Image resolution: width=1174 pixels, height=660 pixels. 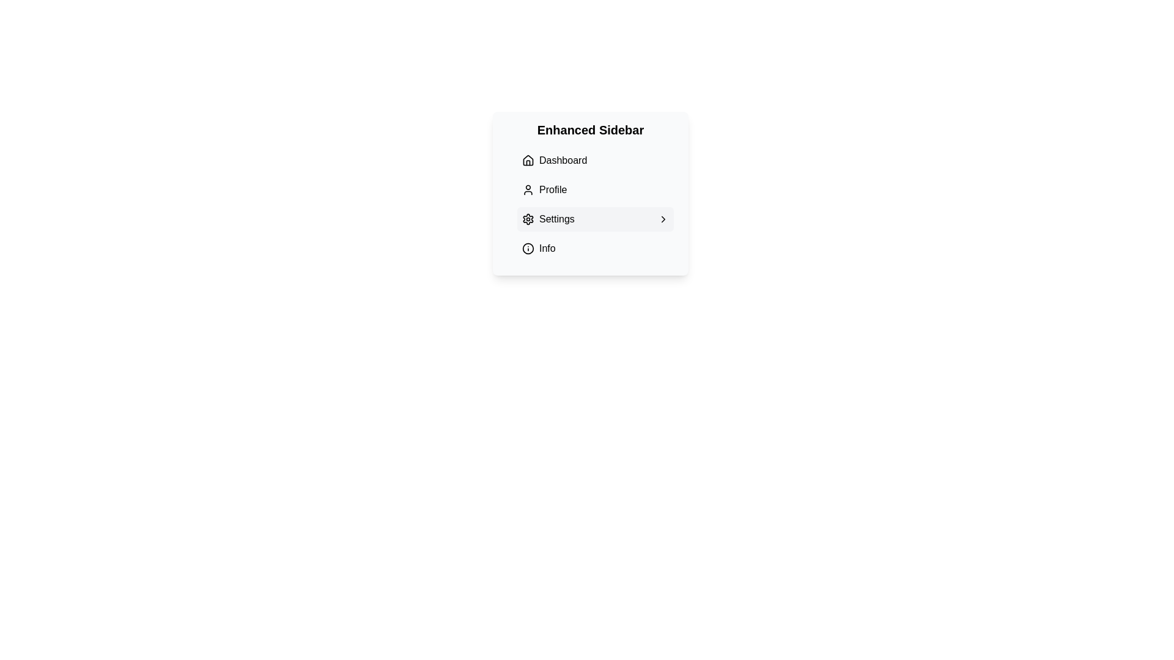 I want to click on the 'Dashboard' navigational button located at the top of the sidebar menu, so click(x=596, y=159).